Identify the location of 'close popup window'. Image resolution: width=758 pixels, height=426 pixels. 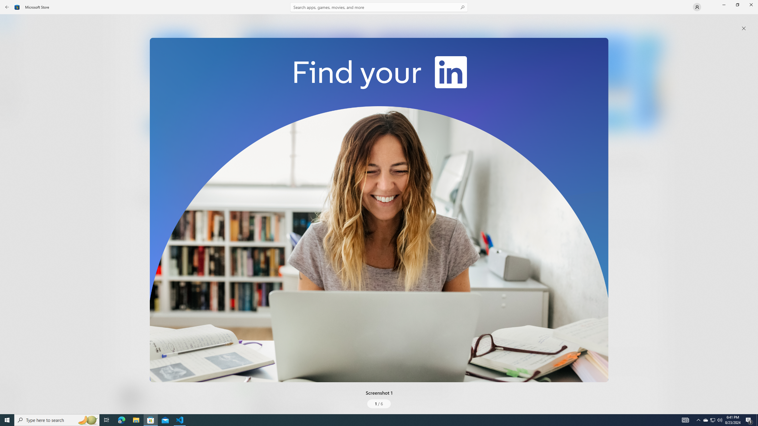
(743, 28).